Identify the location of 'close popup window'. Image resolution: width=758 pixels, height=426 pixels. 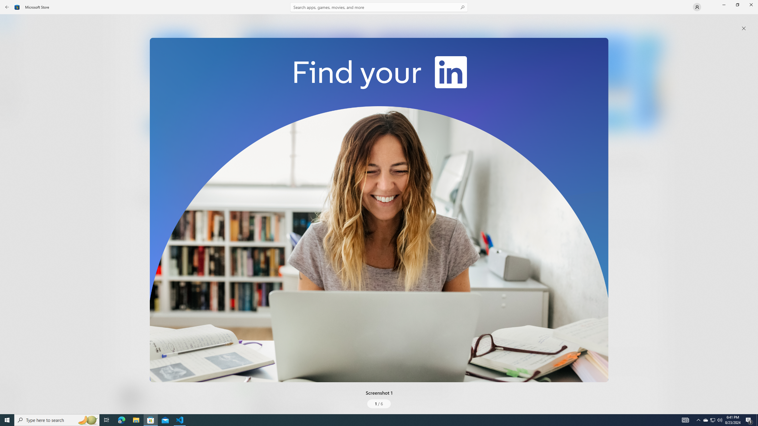
(743, 28).